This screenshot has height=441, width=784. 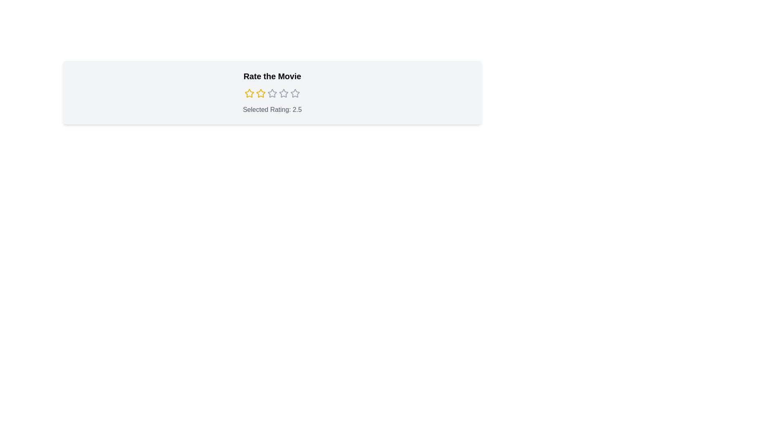 What do you see at coordinates (295, 93) in the screenshot?
I see `the fifth star icon in the rating row below 'Rate the Movie'` at bounding box center [295, 93].